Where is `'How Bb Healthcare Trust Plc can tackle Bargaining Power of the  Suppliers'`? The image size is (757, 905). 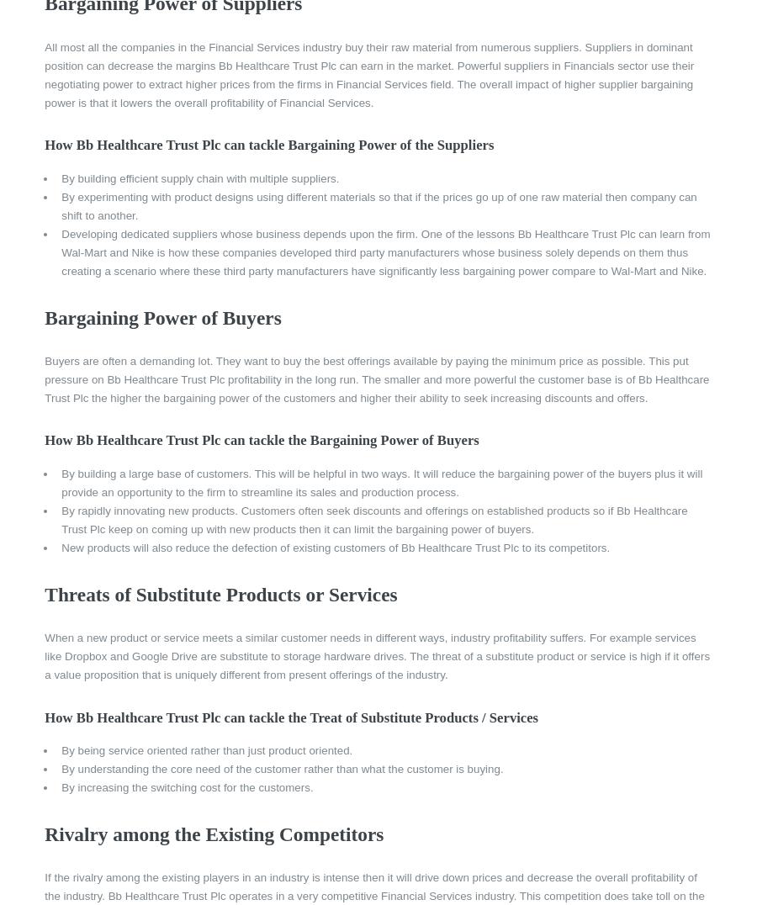
'How Bb Healthcare Trust Plc can tackle Bargaining Power of the  Suppliers' is located at coordinates (44, 145).